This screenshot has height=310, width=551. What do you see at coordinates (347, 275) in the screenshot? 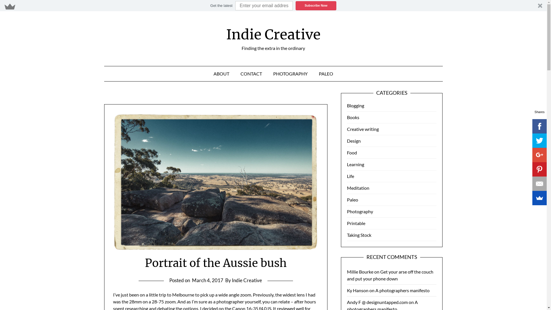
I see `'Get your arse off the couch and put your phone down'` at bounding box center [347, 275].